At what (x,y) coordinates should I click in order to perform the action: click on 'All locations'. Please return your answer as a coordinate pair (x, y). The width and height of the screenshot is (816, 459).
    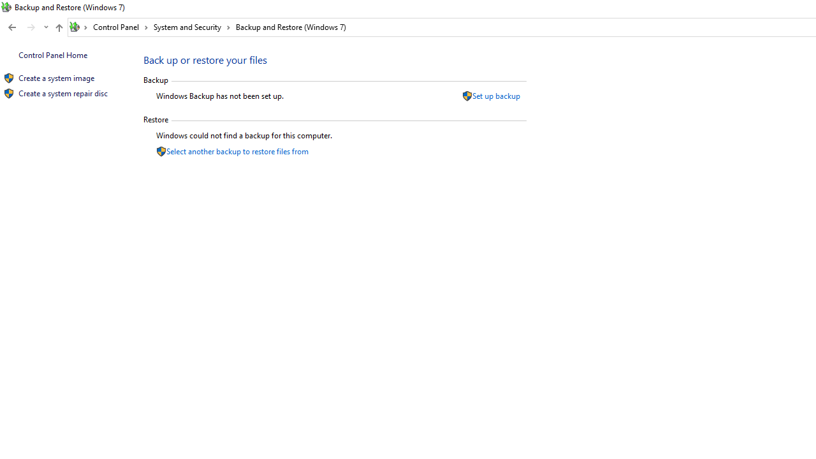
    Looking at the image, I should click on (78, 27).